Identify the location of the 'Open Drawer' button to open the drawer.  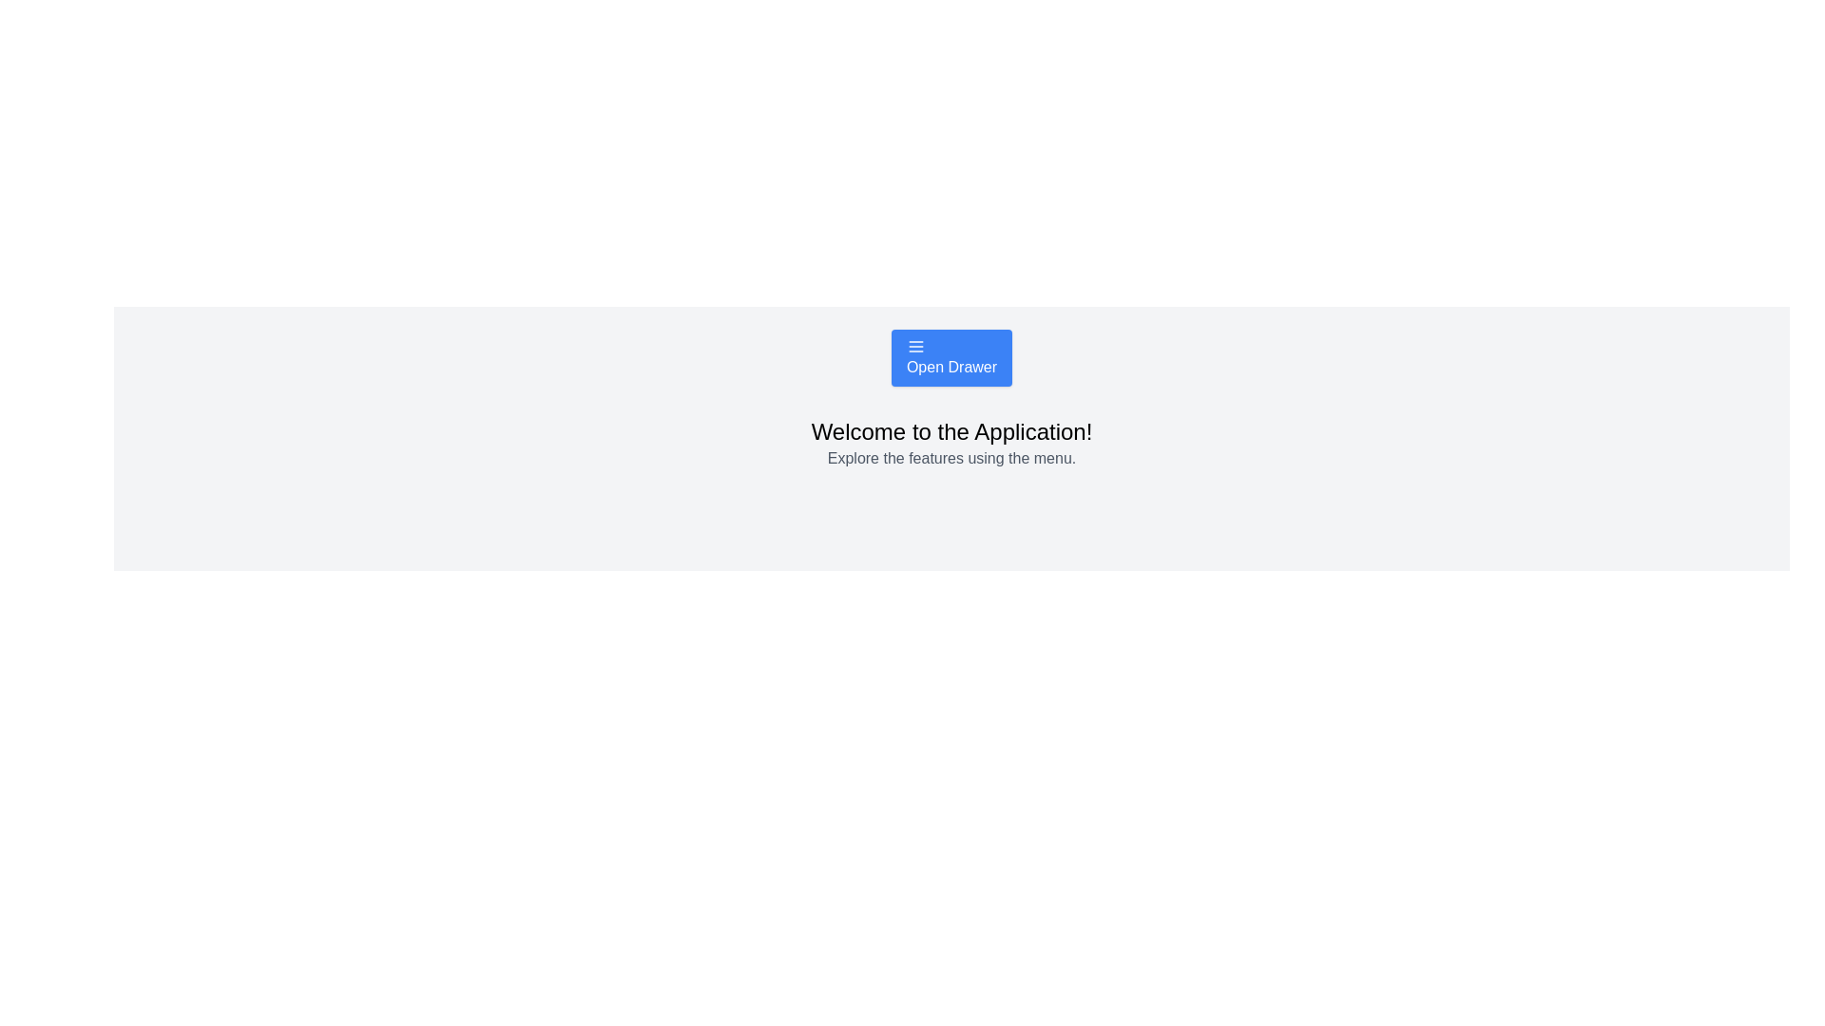
(951, 358).